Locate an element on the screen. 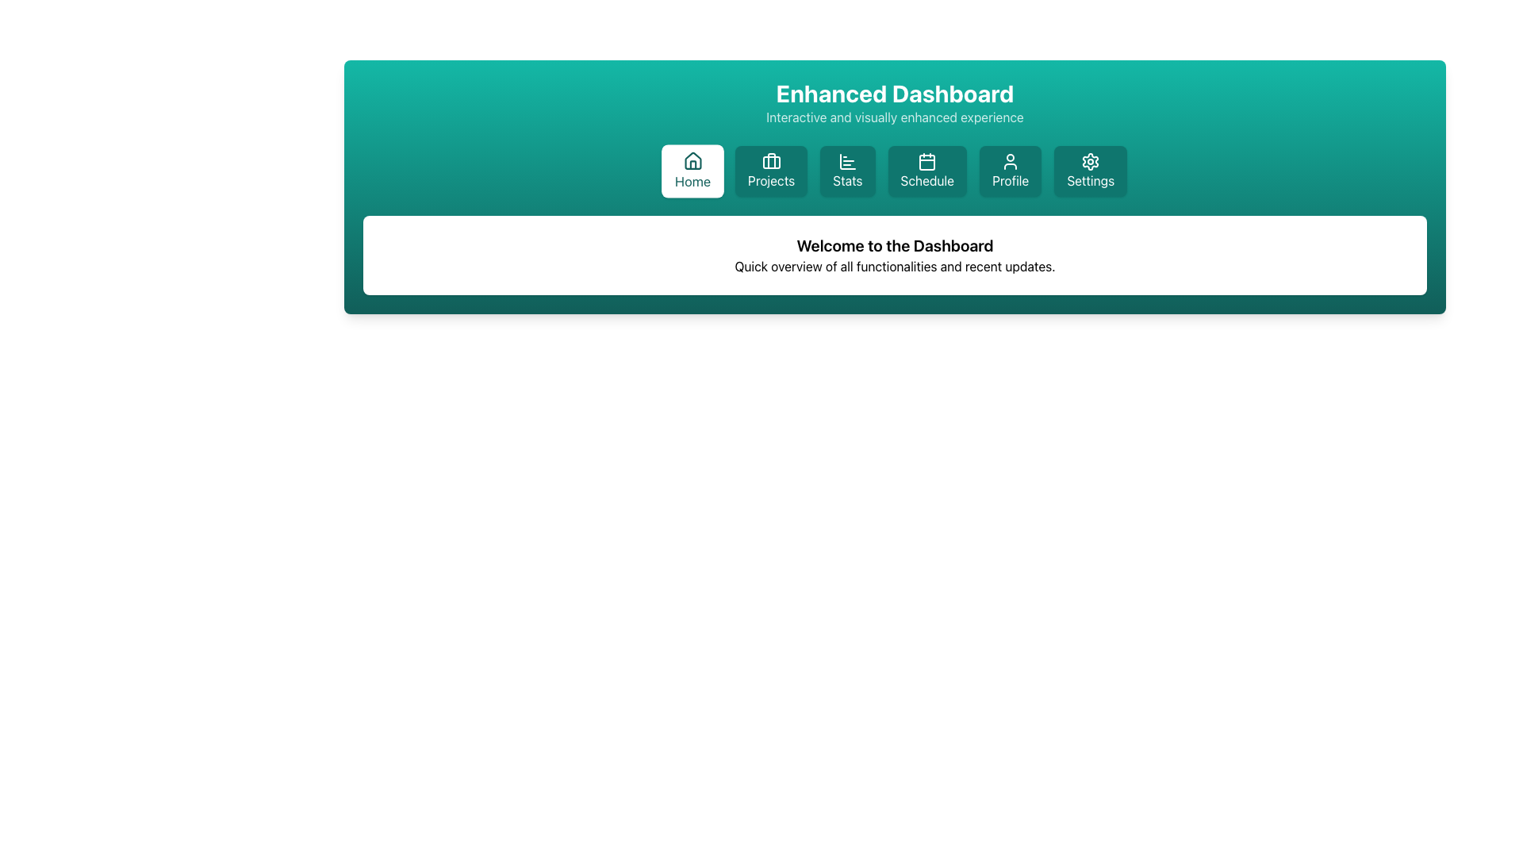 This screenshot has width=1523, height=857. the fourth navigation menu item labeled 'Schedule' located below the 'Enhanced Dashboard' header is located at coordinates (895, 171).